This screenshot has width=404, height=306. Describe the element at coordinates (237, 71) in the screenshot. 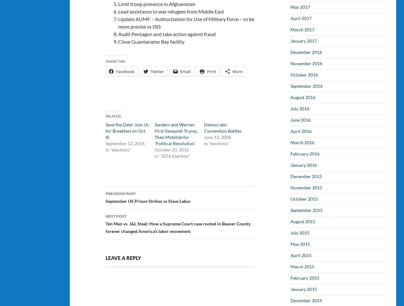

I see `'More'` at that location.